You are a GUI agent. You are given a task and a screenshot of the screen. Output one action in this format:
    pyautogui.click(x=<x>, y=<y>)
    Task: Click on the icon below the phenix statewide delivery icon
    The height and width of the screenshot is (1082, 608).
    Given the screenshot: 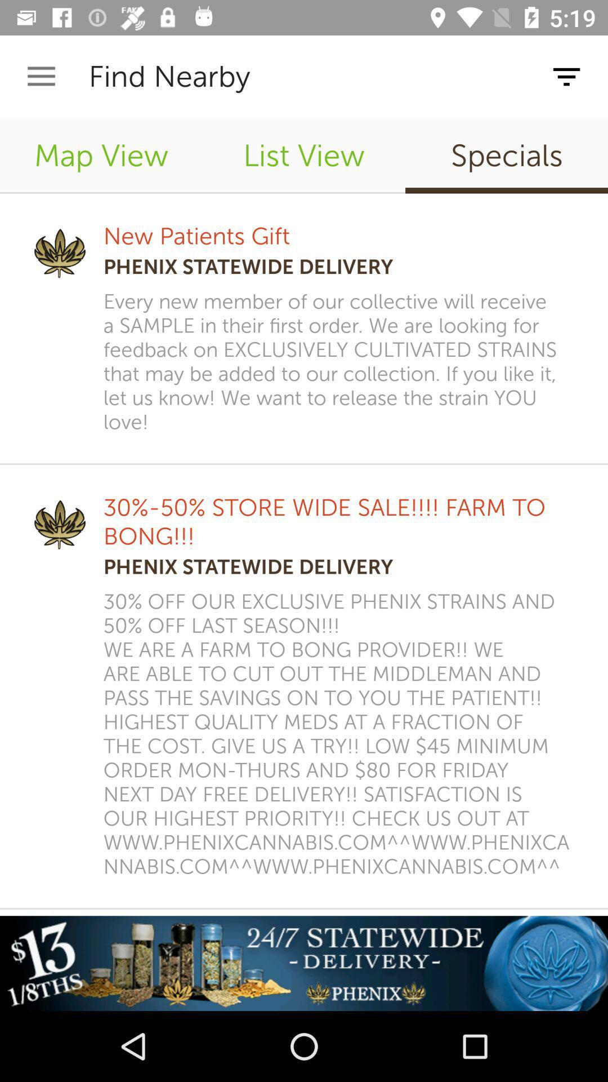 What is the action you would take?
    pyautogui.click(x=340, y=734)
    